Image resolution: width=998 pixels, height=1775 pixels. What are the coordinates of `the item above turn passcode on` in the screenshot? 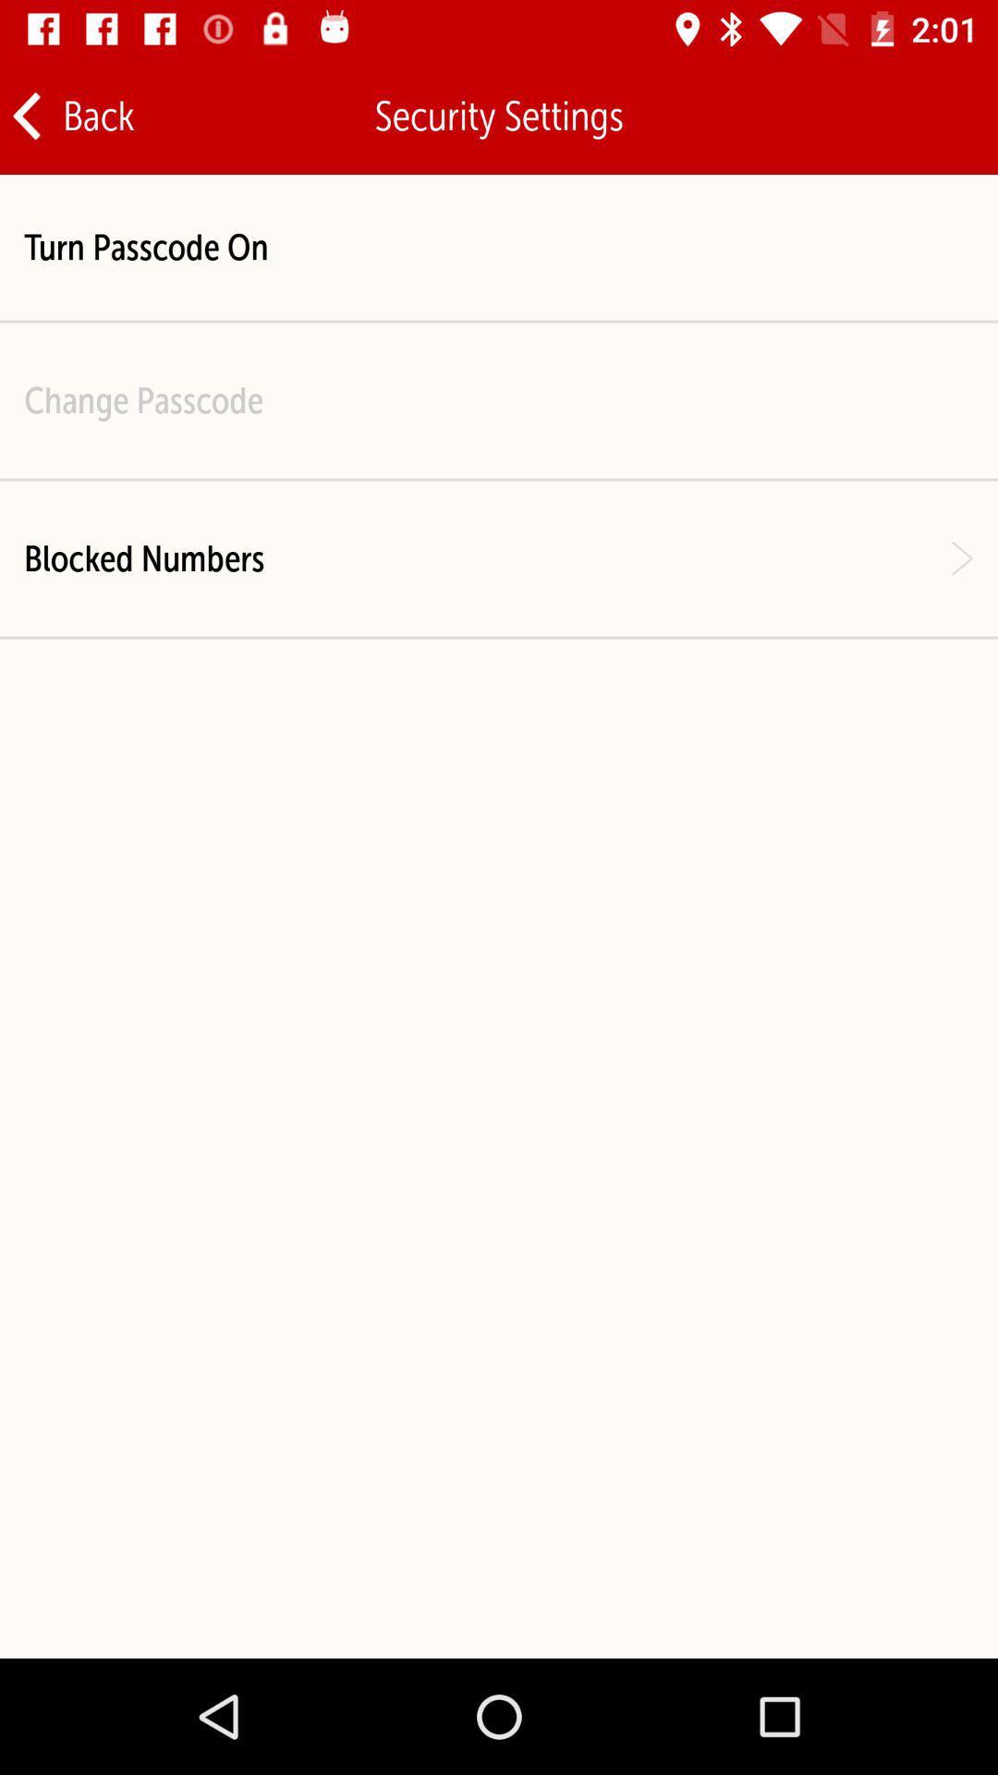 It's located at (71, 115).